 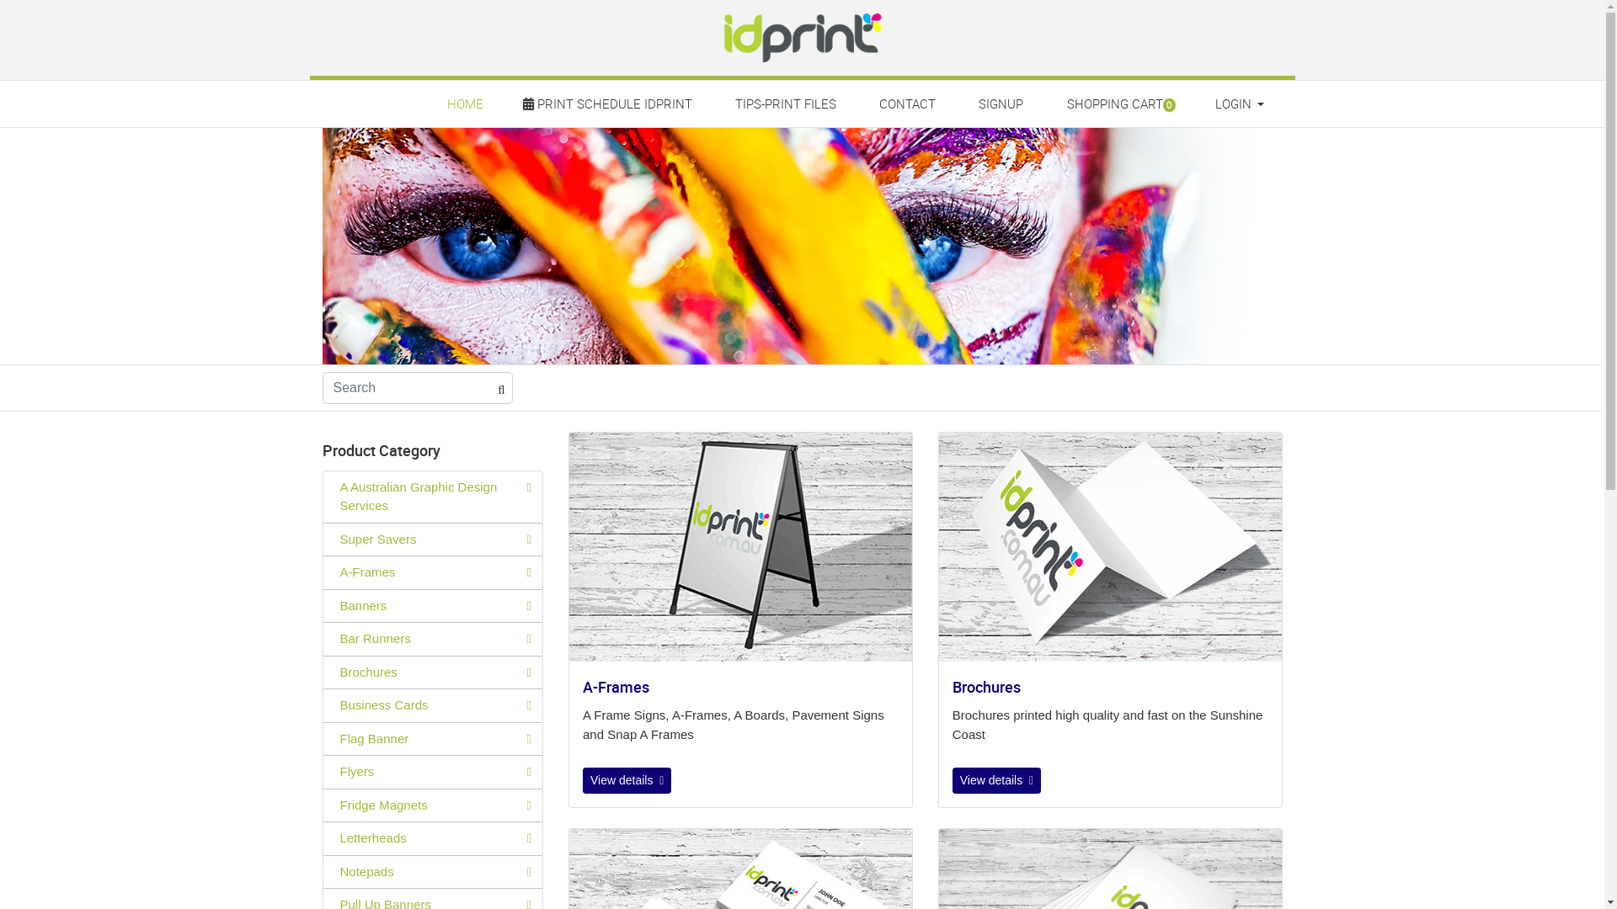 What do you see at coordinates (433, 805) in the screenshot?
I see `'Fridge Magnets'` at bounding box center [433, 805].